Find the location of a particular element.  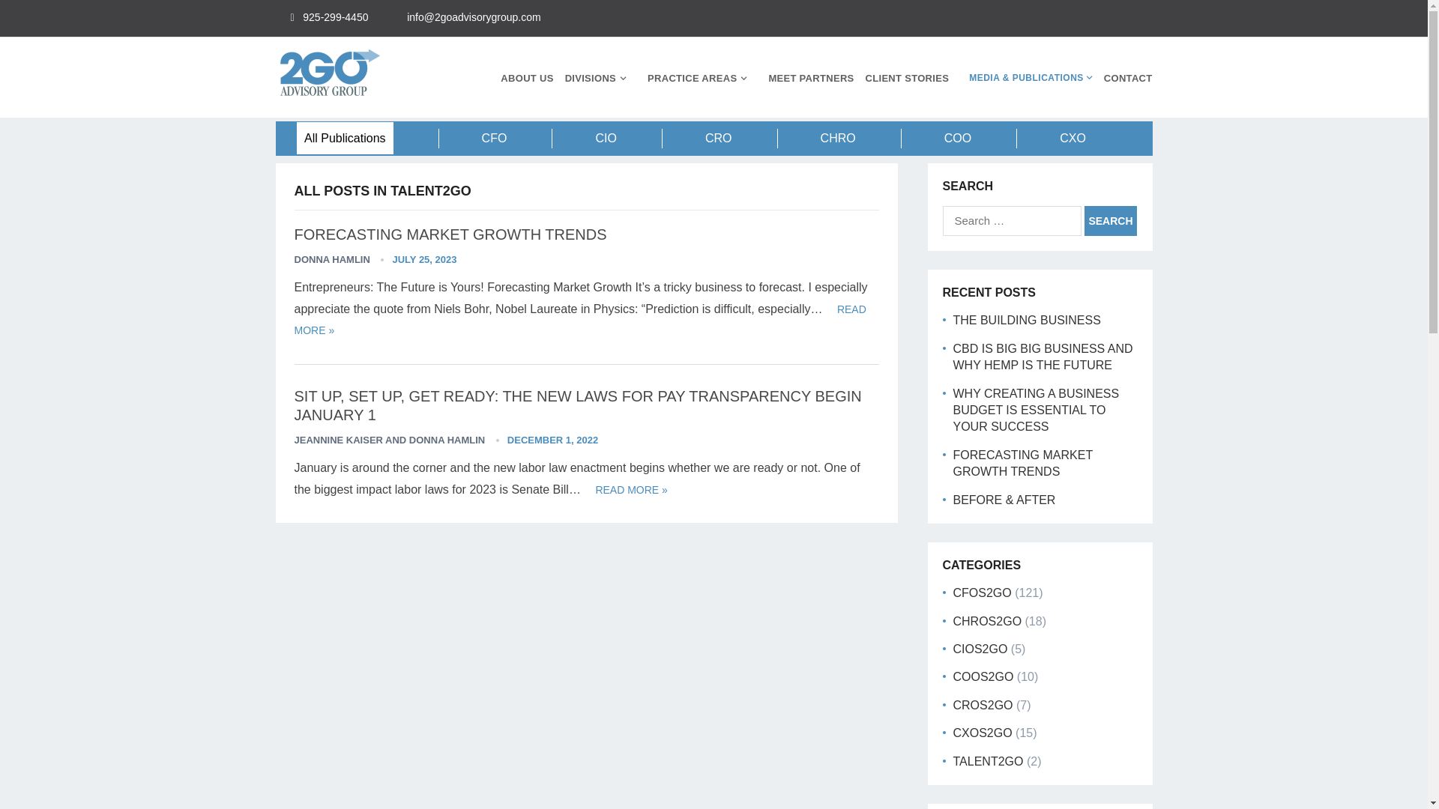

'CIO' is located at coordinates (605, 138).